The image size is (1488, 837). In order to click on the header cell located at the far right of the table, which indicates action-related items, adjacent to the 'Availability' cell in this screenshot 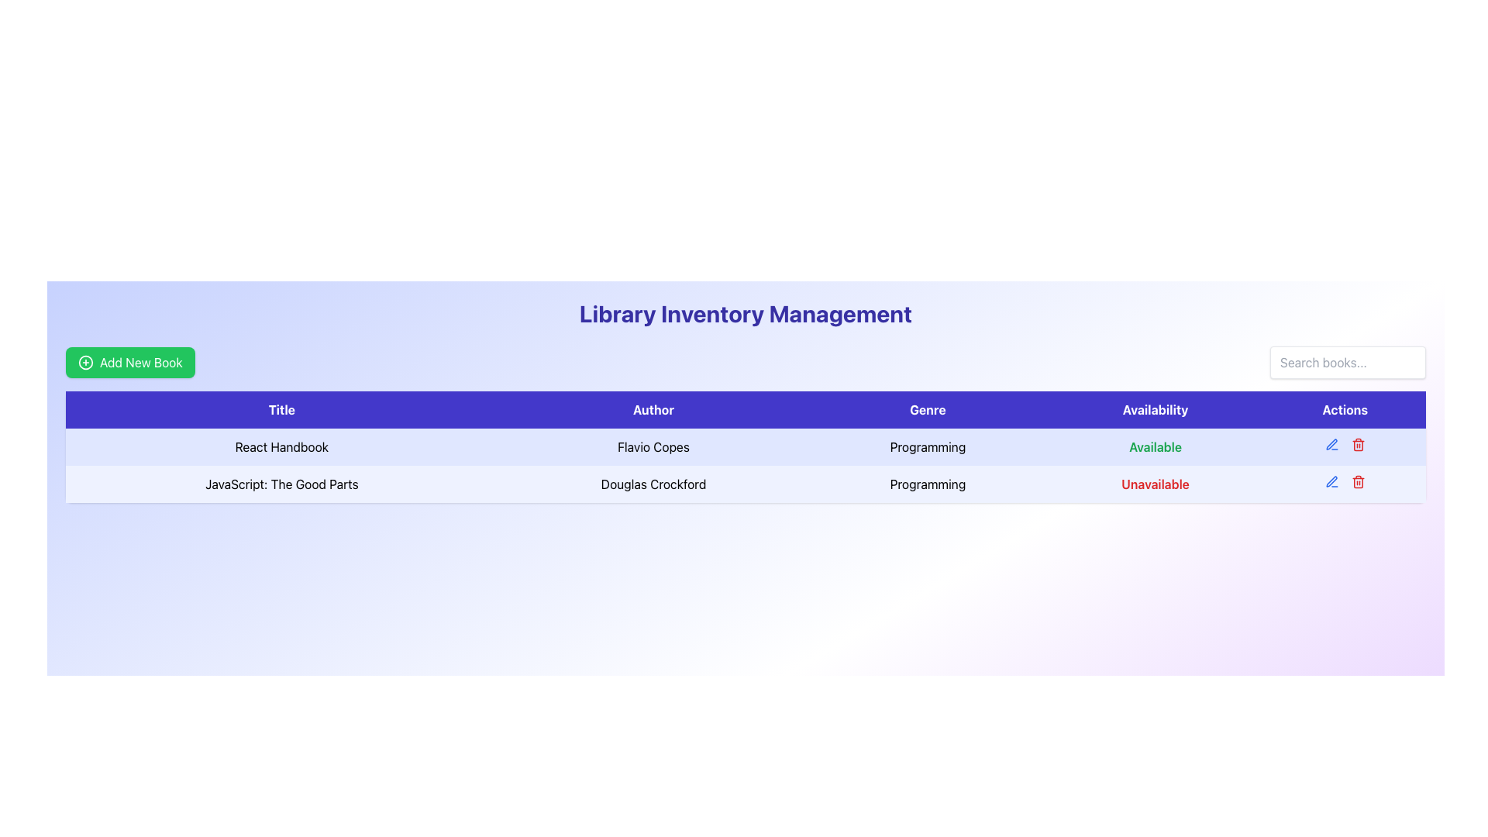, I will do `click(1344, 408)`.